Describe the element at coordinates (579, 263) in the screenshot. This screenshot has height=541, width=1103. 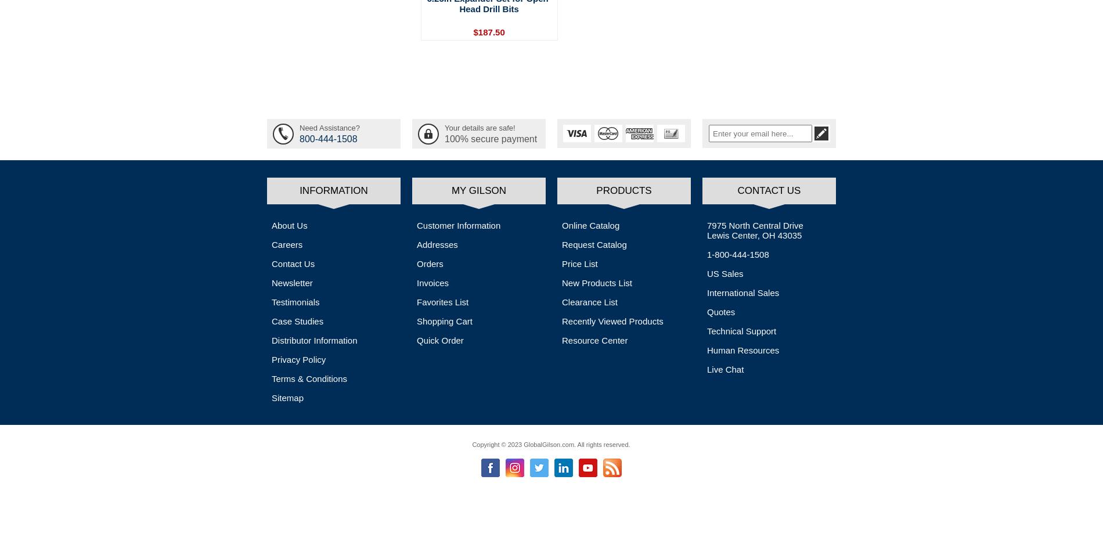
I see `'Price List'` at that location.